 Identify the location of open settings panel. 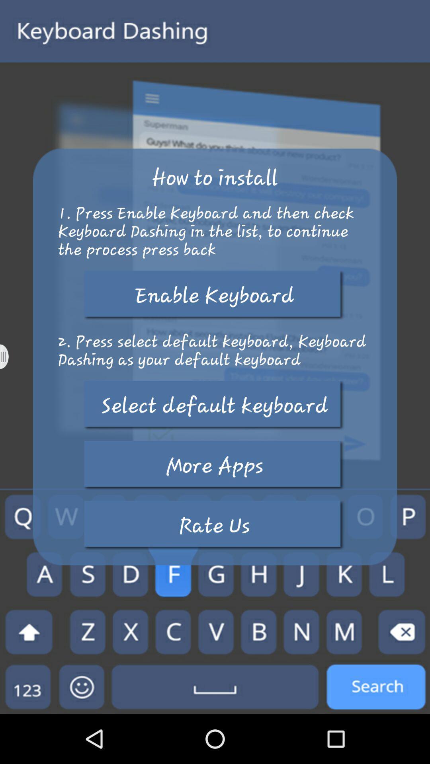
(9, 356).